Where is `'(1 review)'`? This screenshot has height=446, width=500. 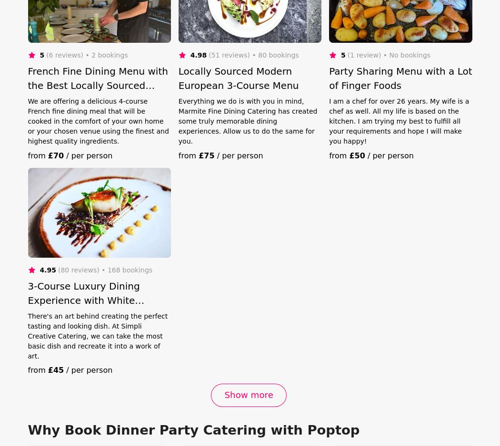
'(1 review)' is located at coordinates (347, 54).